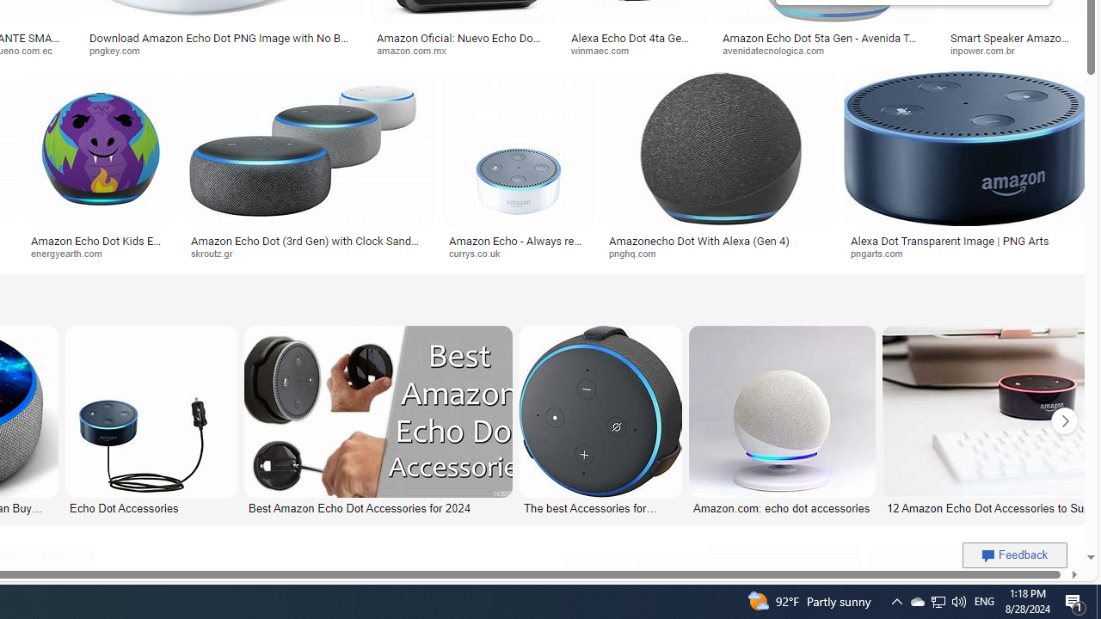 Image resolution: width=1101 pixels, height=619 pixels. What do you see at coordinates (417, 49) in the screenshot?
I see `'amazon.com.mx'` at bounding box center [417, 49].